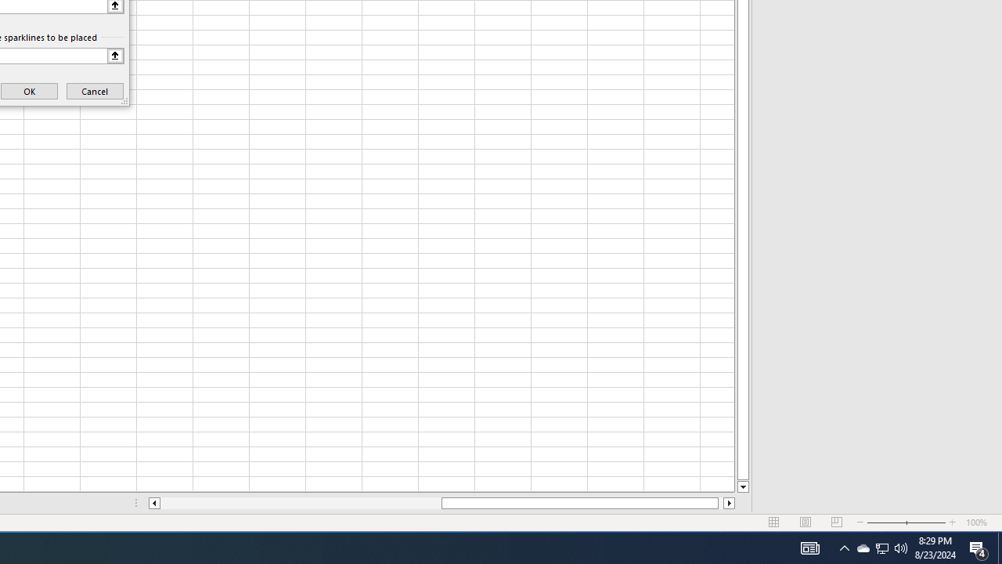  I want to click on 'Column right', so click(729, 503).